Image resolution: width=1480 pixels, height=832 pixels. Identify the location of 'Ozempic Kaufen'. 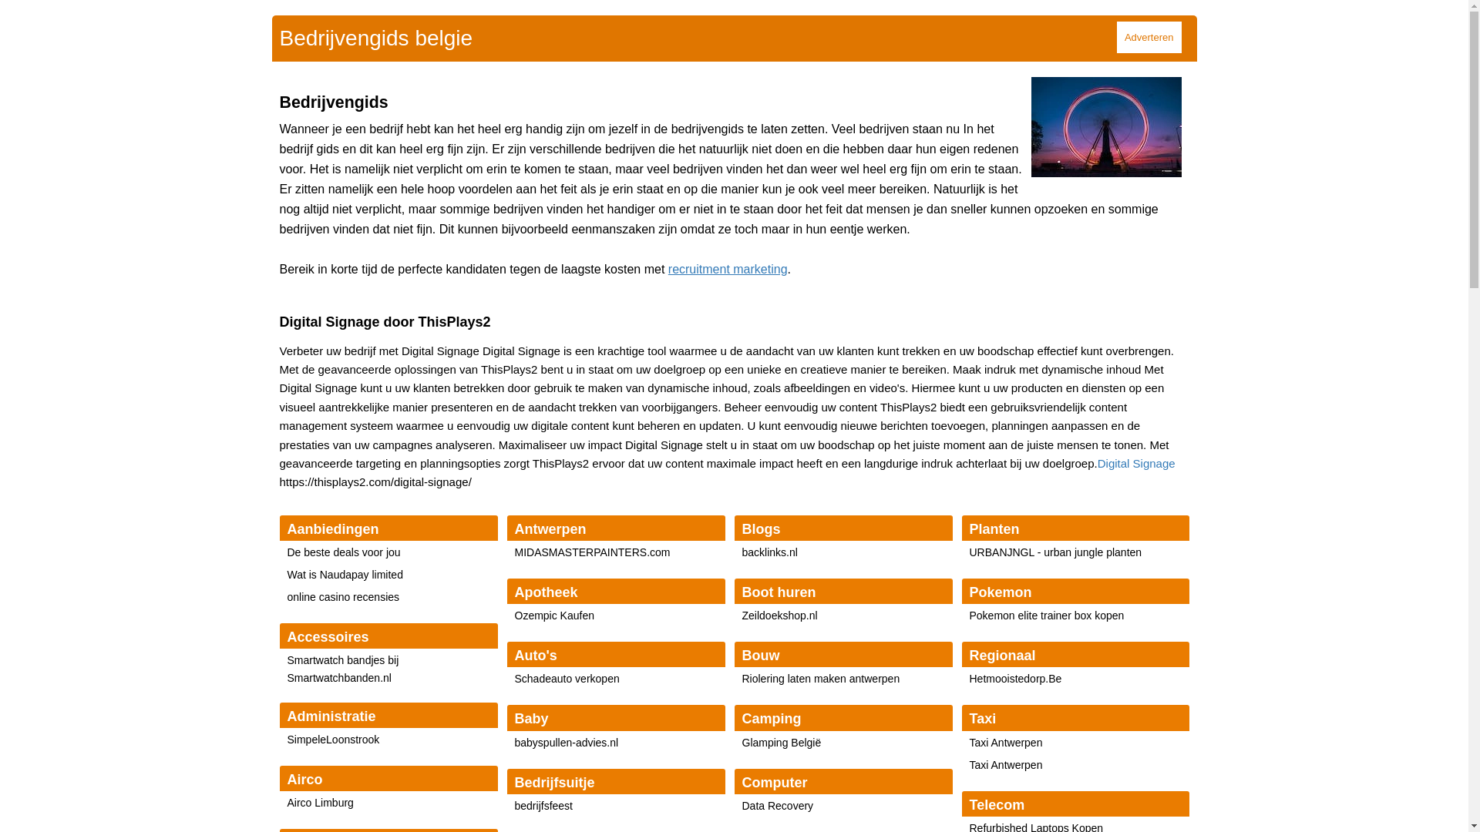
(514, 614).